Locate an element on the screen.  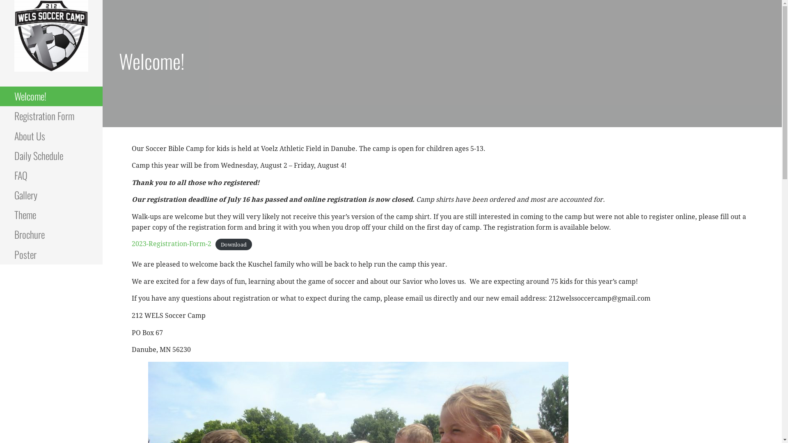
'Skip to content' is located at coordinates (102, 0).